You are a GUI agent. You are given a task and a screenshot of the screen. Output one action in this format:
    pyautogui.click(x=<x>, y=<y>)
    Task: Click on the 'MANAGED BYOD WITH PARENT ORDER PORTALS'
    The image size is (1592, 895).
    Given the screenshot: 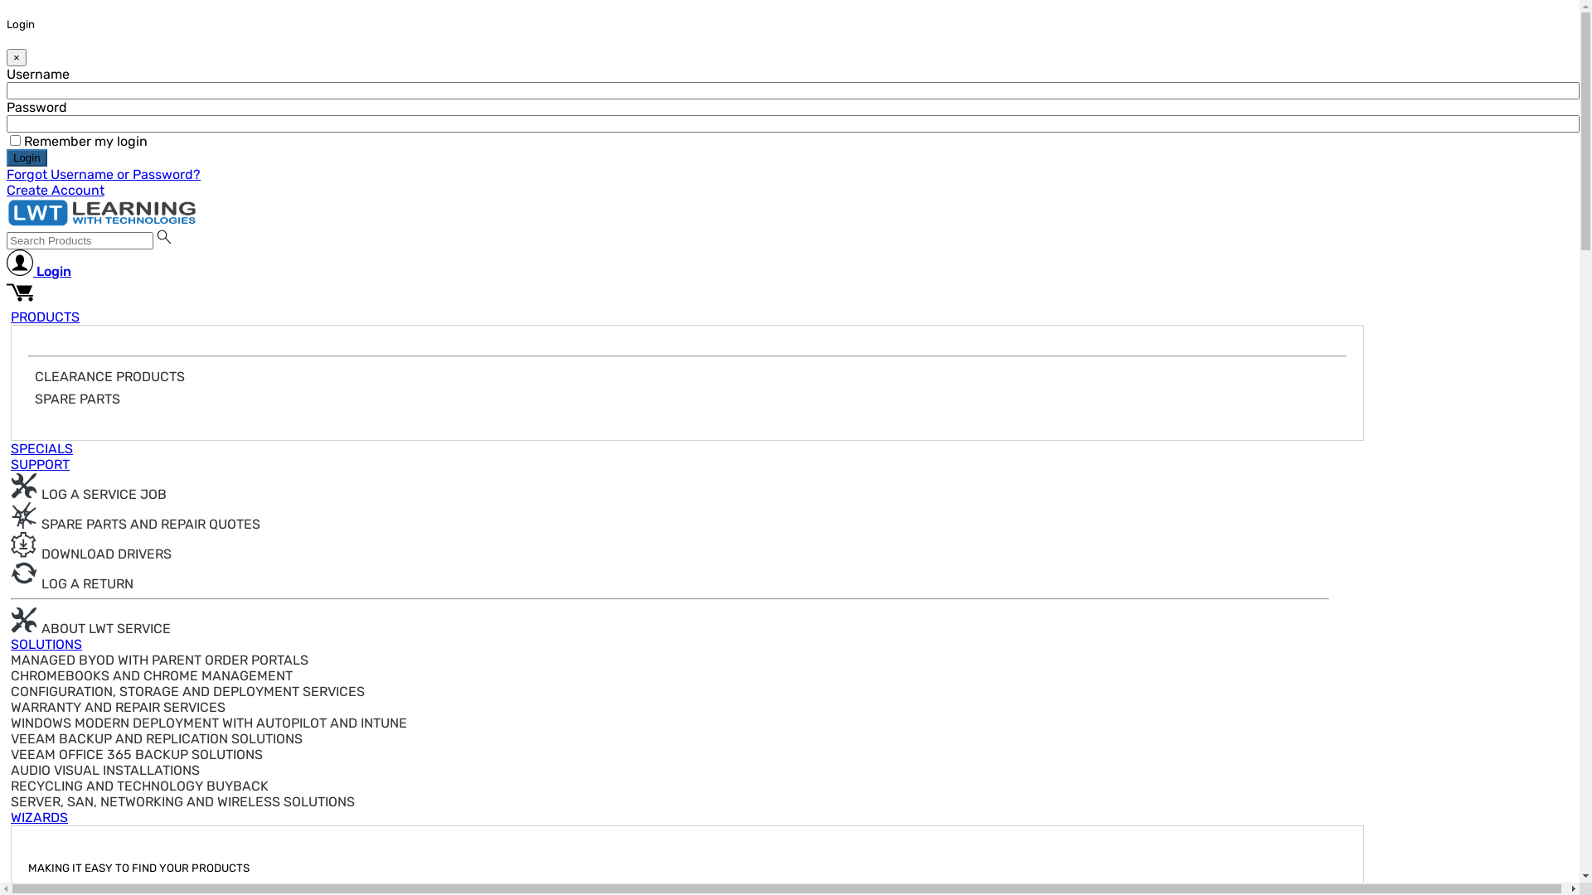 What is the action you would take?
    pyautogui.click(x=159, y=659)
    